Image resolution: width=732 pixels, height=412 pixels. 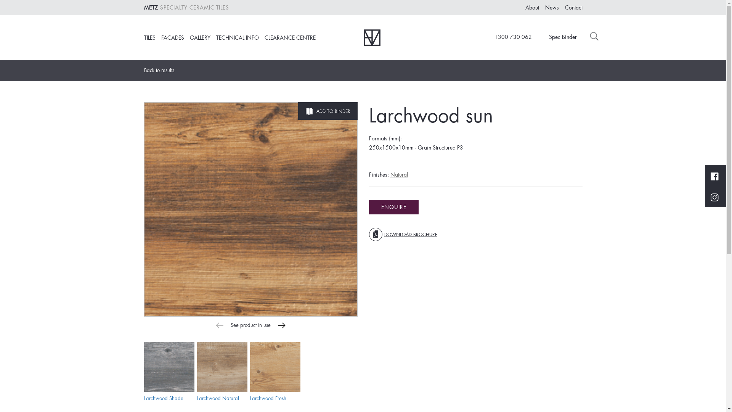 What do you see at coordinates (217, 398) in the screenshot?
I see `'Larchwood Natural'` at bounding box center [217, 398].